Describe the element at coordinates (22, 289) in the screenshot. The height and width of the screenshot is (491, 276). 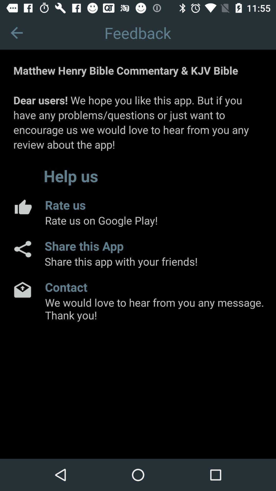
I see `contact us` at that location.